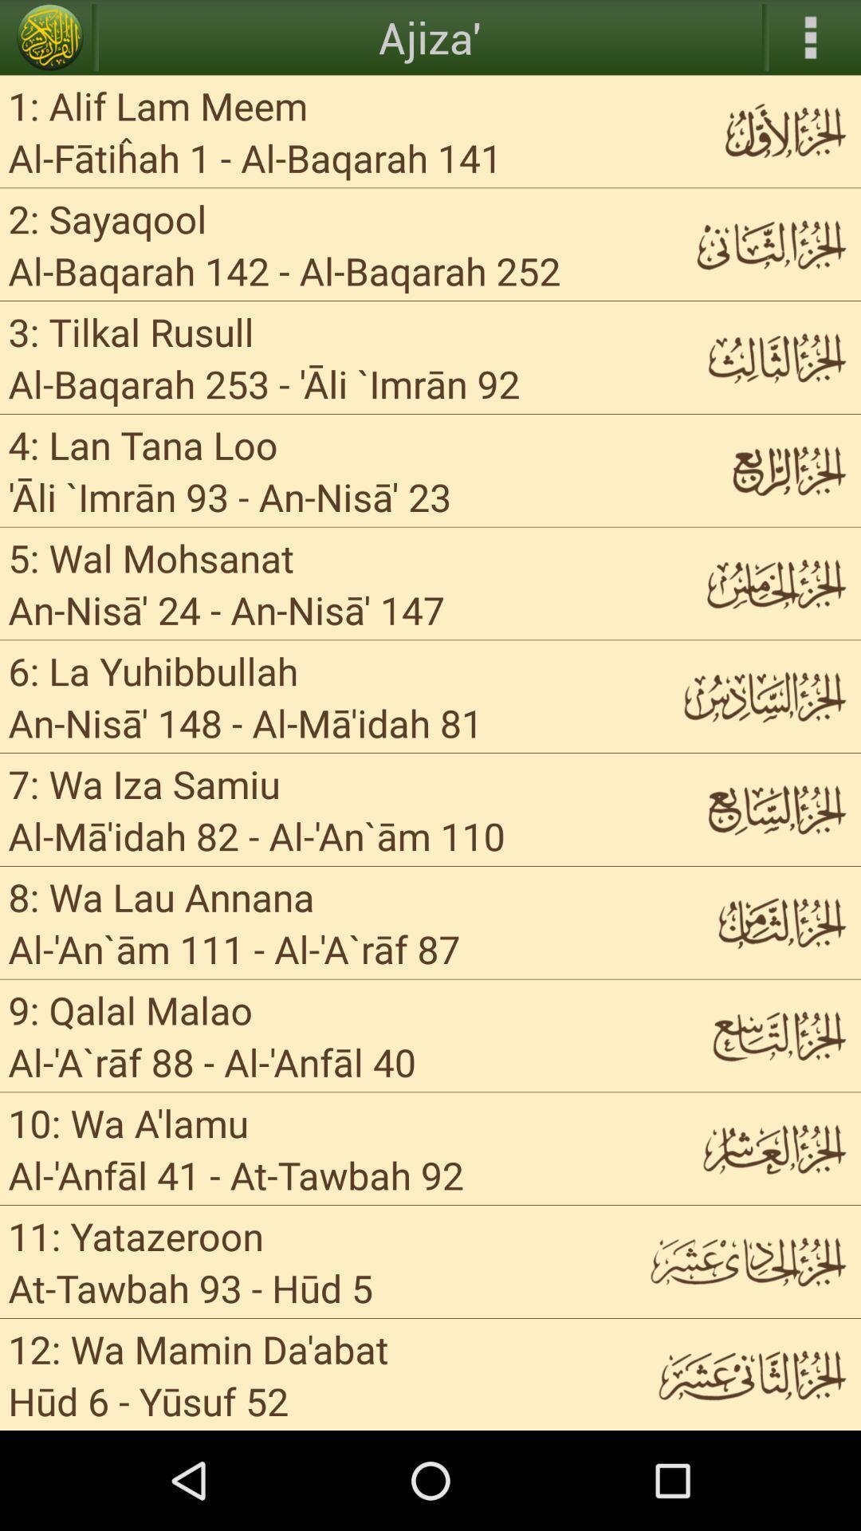 The height and width of the screenshot is (1531, 861). Describe the element at coordinates (108, 218) in the screenshot. I see `the 2: sayaqool` at that location.